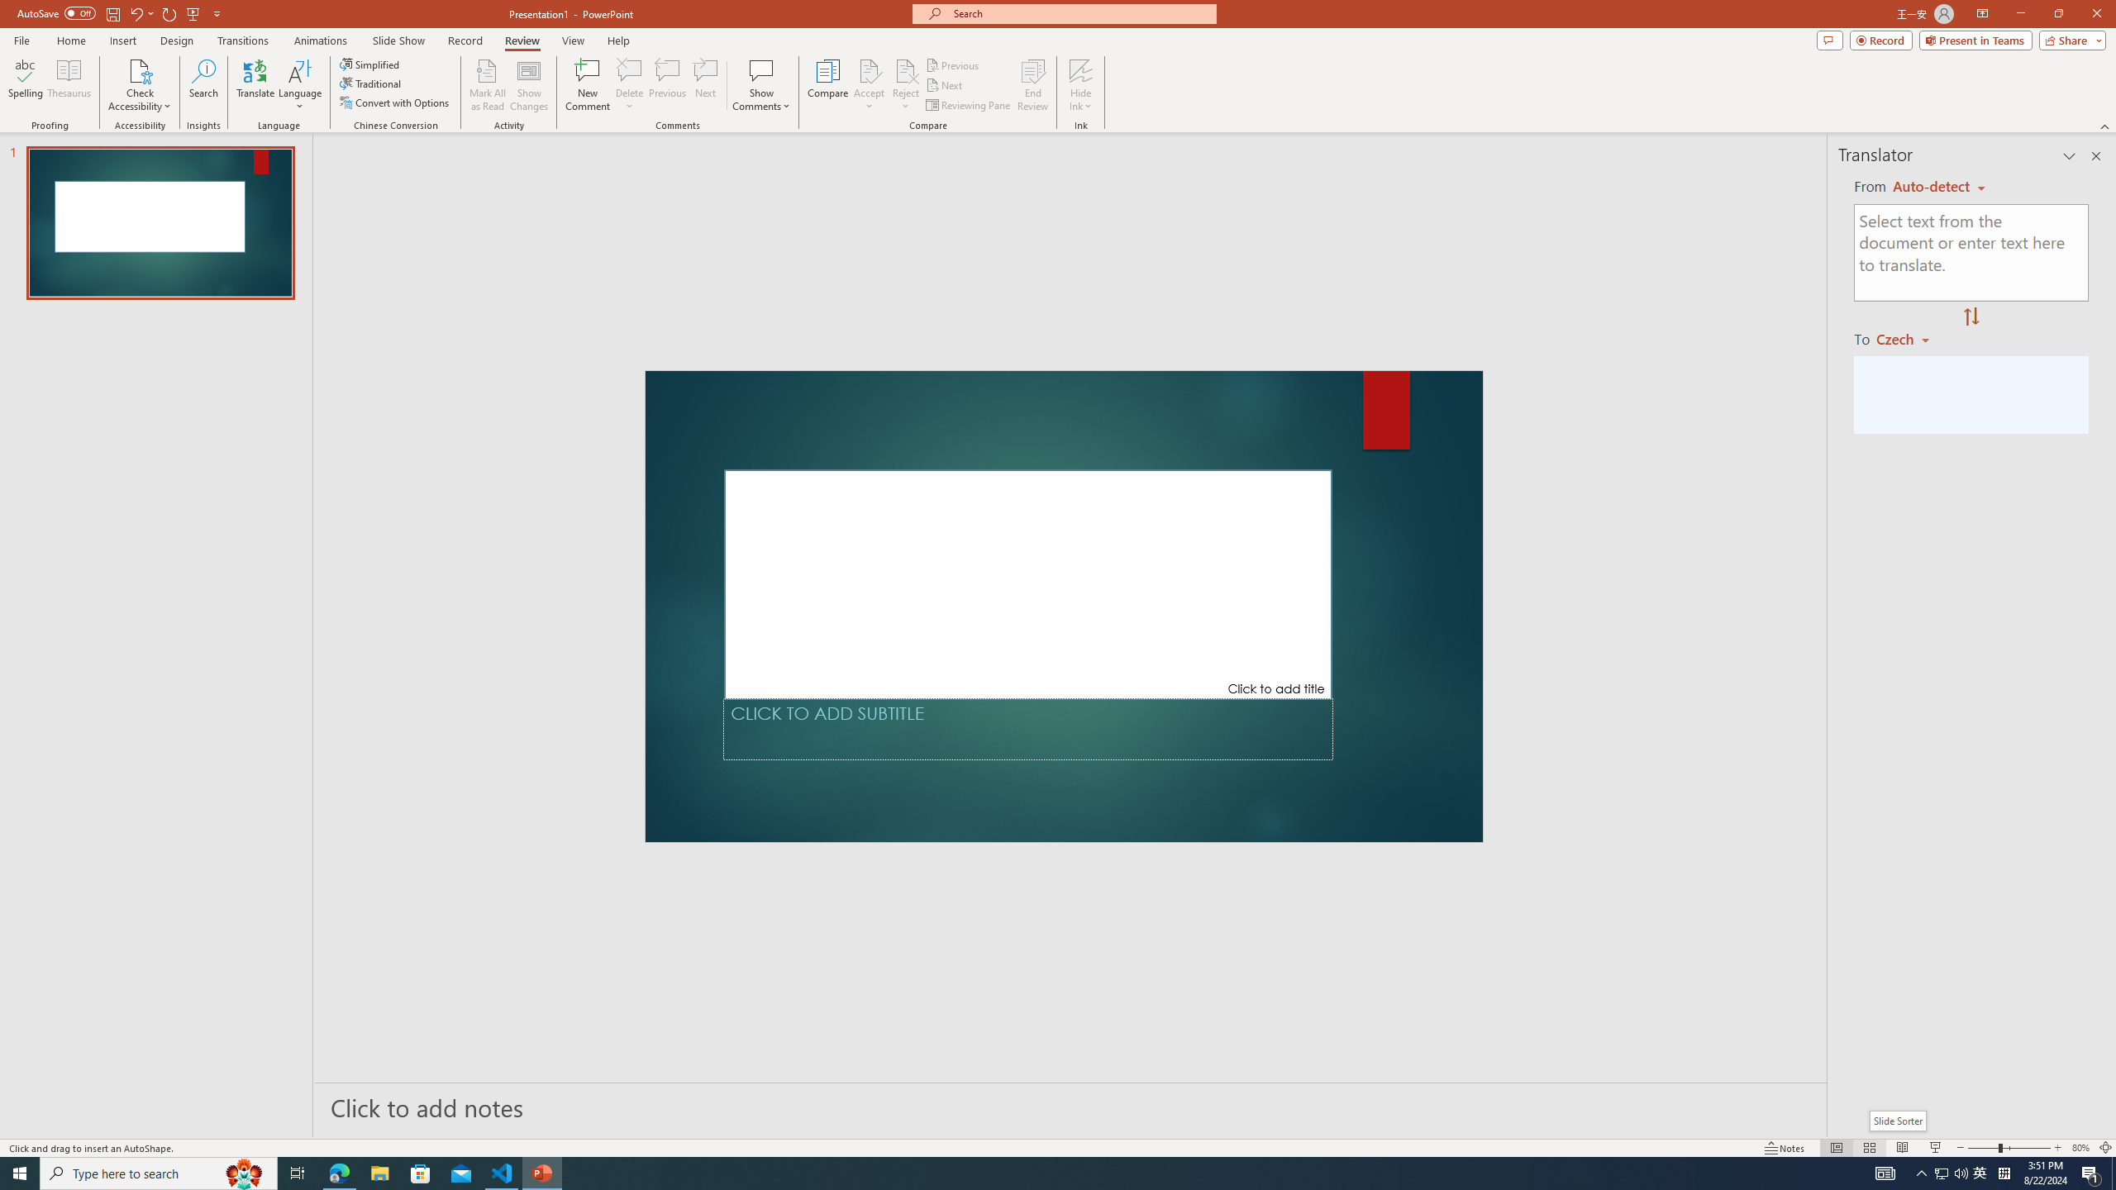 The height and width of the screenshot is (1190, 2116). Describe the element at coordinates (944, 85) in the screenshot. I see `'Next'` at that location.